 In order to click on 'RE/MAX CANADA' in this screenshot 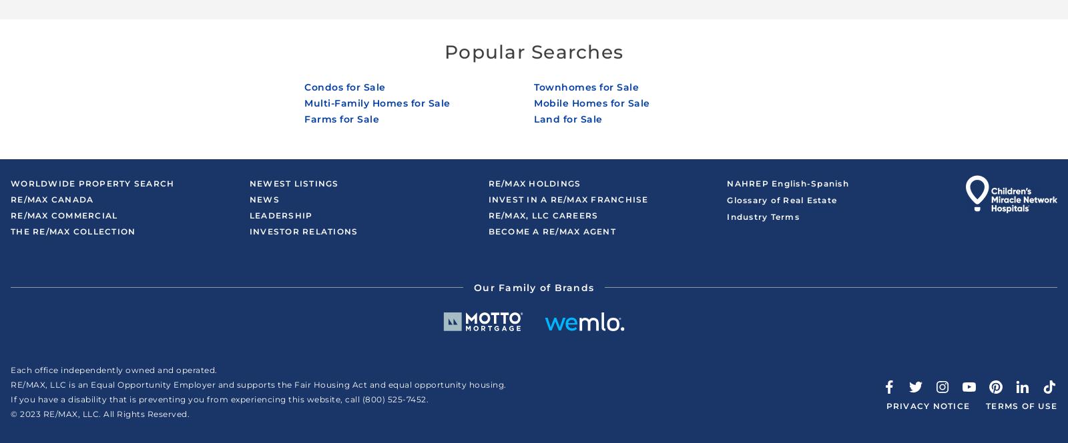, I will do `click(51, 199)`.